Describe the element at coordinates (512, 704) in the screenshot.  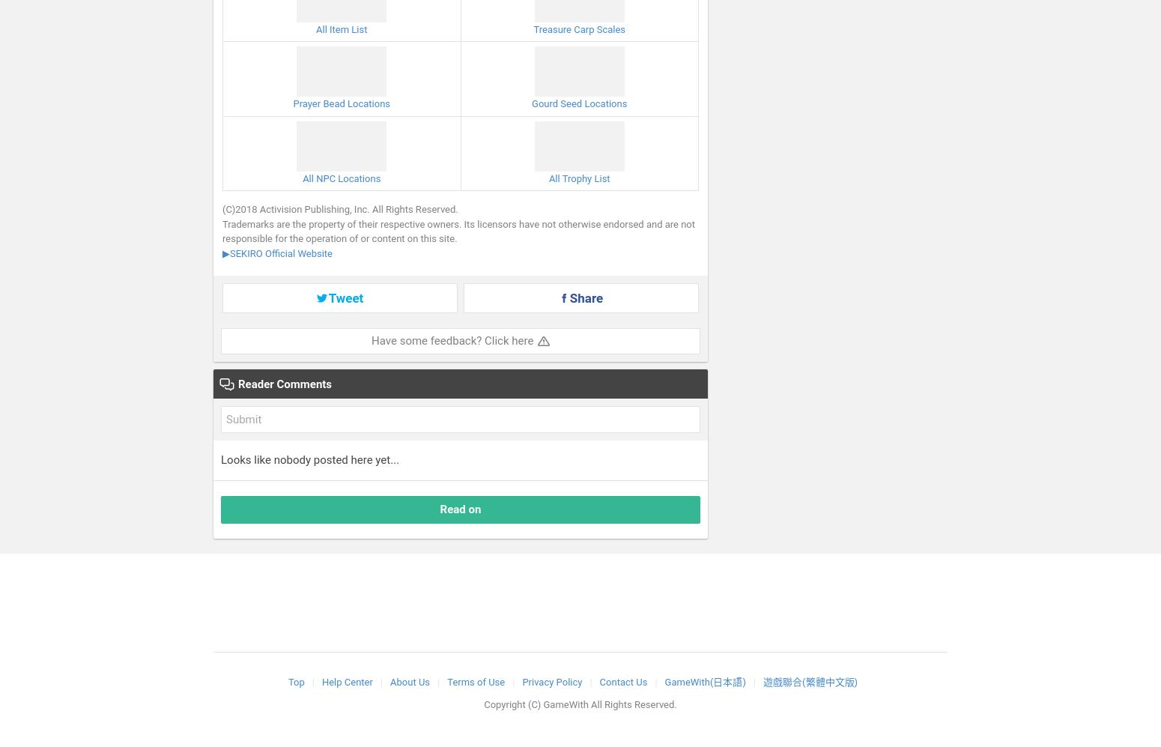
I see `'Copyright (C)'` at that location.